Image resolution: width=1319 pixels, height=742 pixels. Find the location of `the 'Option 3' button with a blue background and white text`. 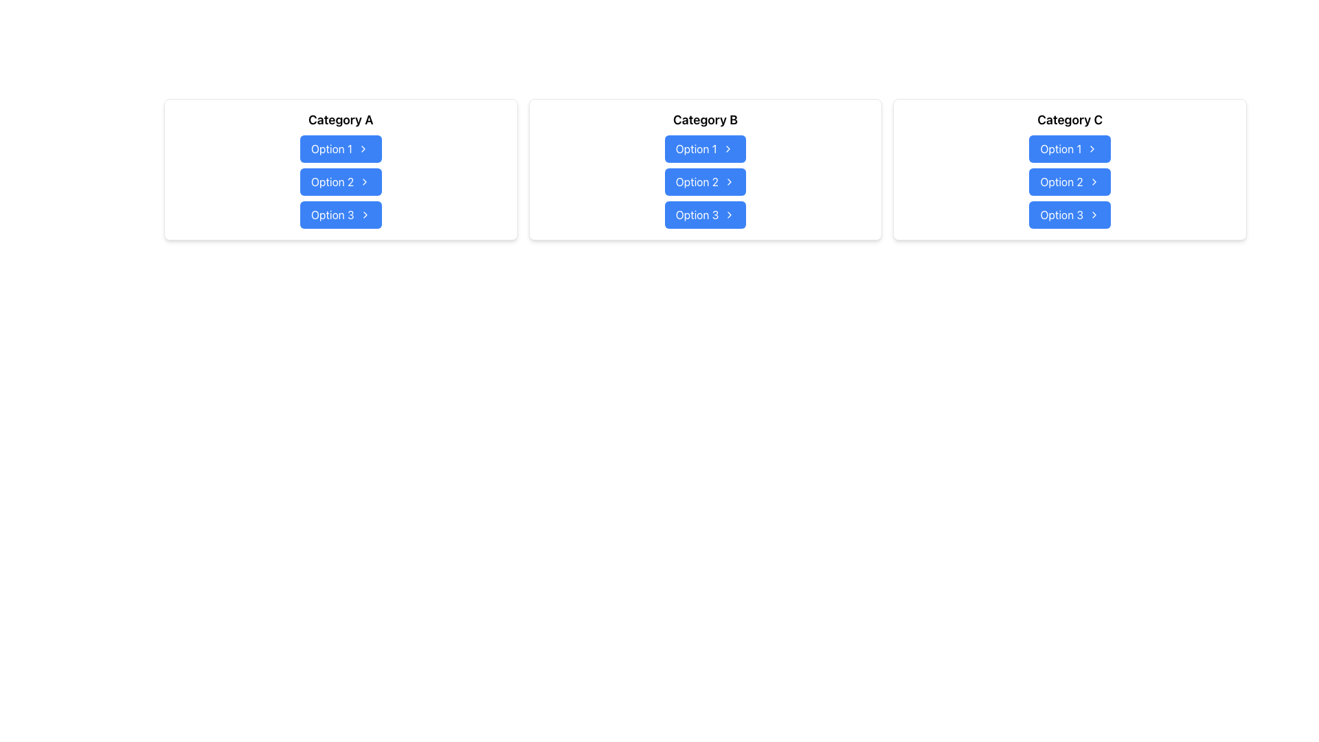

the 'Option 3' button with a blue background and white text is located at coordinates (706, 214).